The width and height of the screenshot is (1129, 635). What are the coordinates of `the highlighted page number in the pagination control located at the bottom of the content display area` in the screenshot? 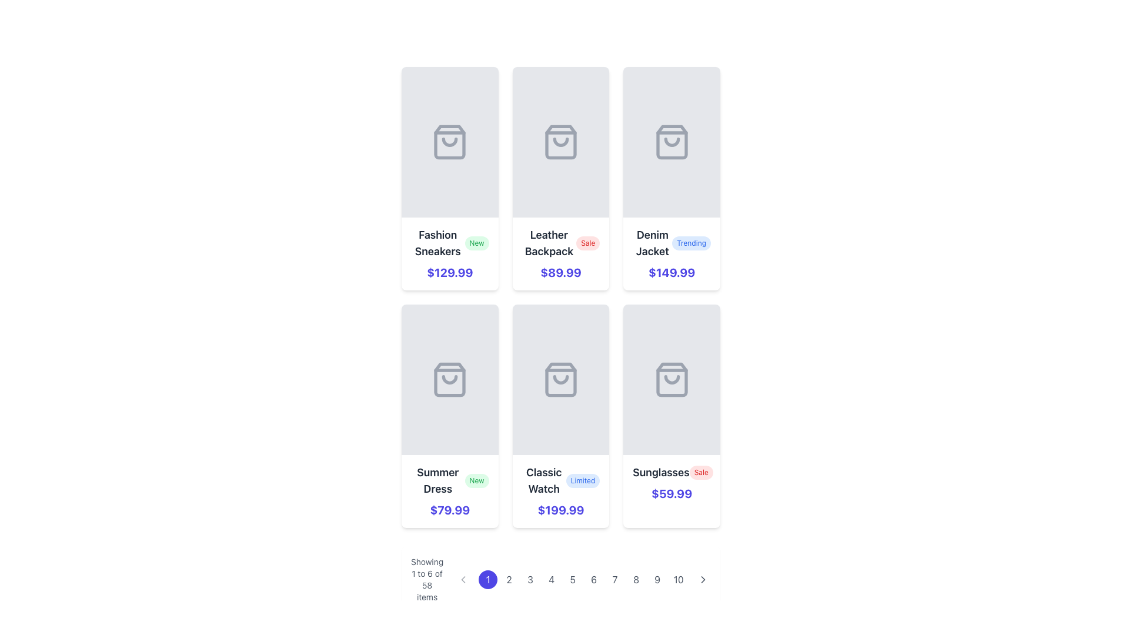 It's located at (560, 579).